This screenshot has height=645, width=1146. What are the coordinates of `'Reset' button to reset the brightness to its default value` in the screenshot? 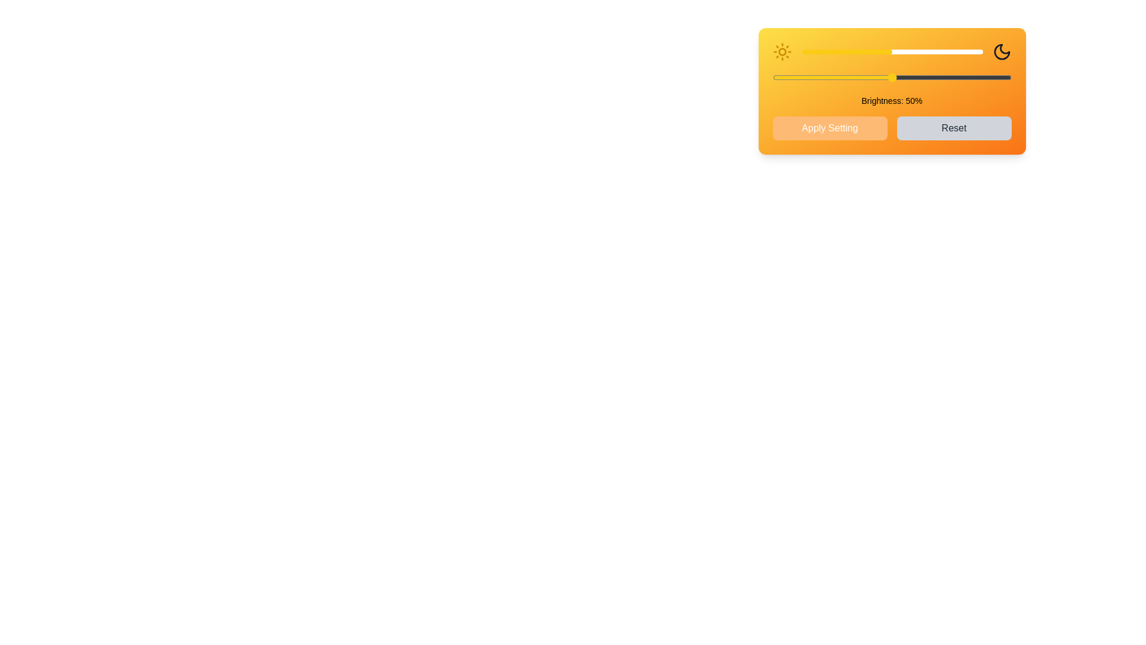 It's located at (953, 128).